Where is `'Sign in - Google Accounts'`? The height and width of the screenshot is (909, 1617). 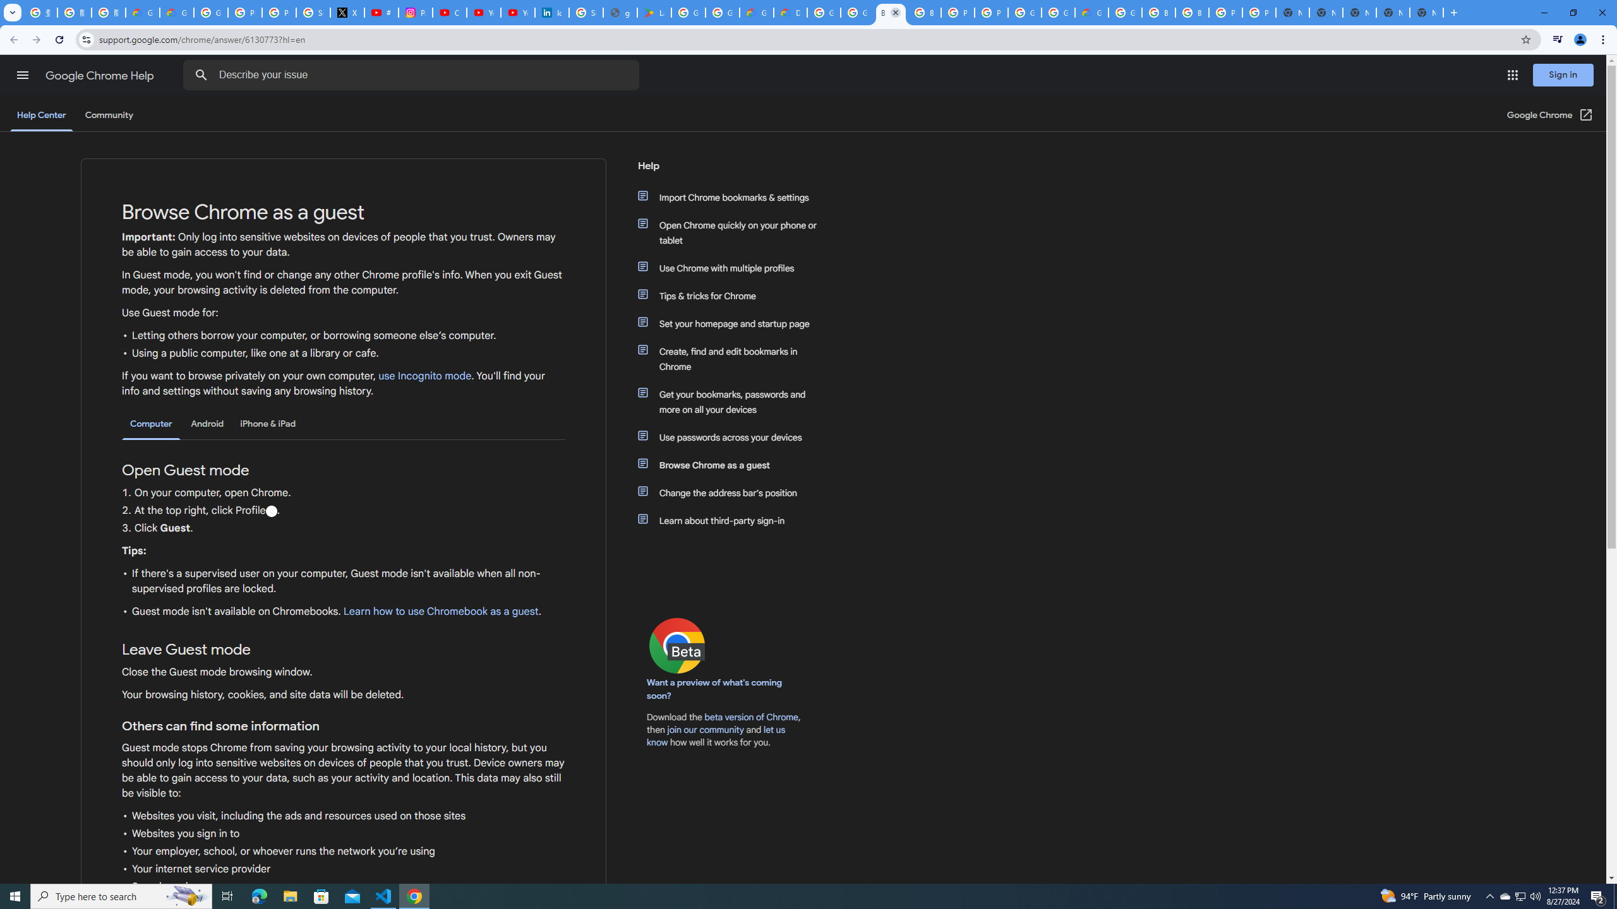
'Sign in - Google Accounts' is located at coordinates (313, 12).